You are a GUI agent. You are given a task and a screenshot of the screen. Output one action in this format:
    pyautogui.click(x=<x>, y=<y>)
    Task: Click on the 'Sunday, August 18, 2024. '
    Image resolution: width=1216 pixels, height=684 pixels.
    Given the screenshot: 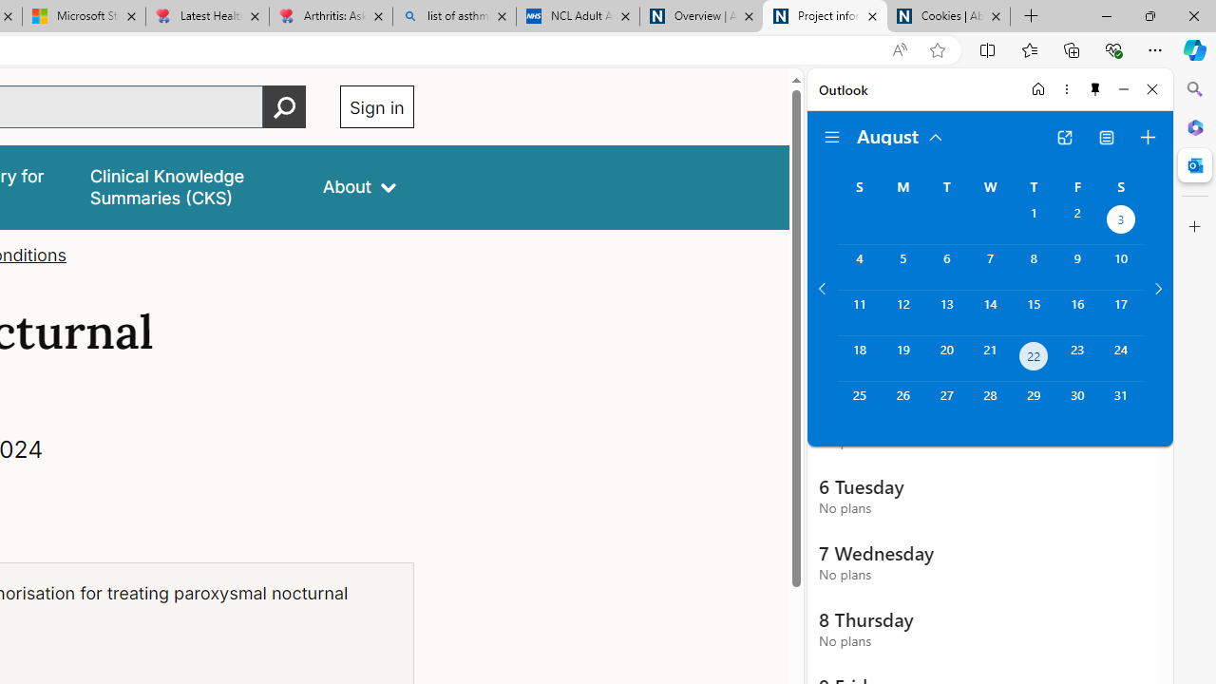 What is the action you would take?
    pyautogui.click(x=858, y=358)
    